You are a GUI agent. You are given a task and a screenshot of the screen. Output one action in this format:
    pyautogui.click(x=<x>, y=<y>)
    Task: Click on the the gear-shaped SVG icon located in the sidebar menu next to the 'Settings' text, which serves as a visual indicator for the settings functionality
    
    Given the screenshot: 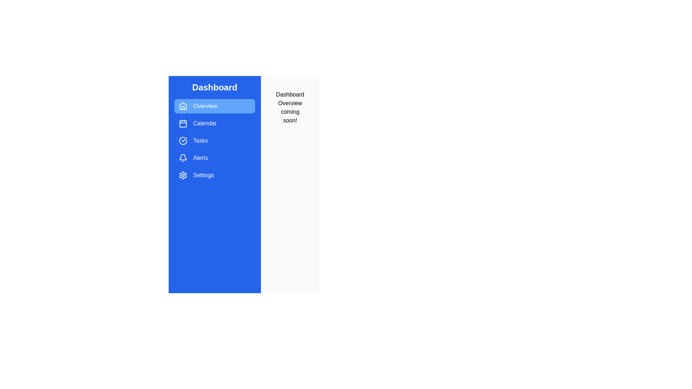 What is the action you would take?
    pyautogui.click(x=183, y=175)
    